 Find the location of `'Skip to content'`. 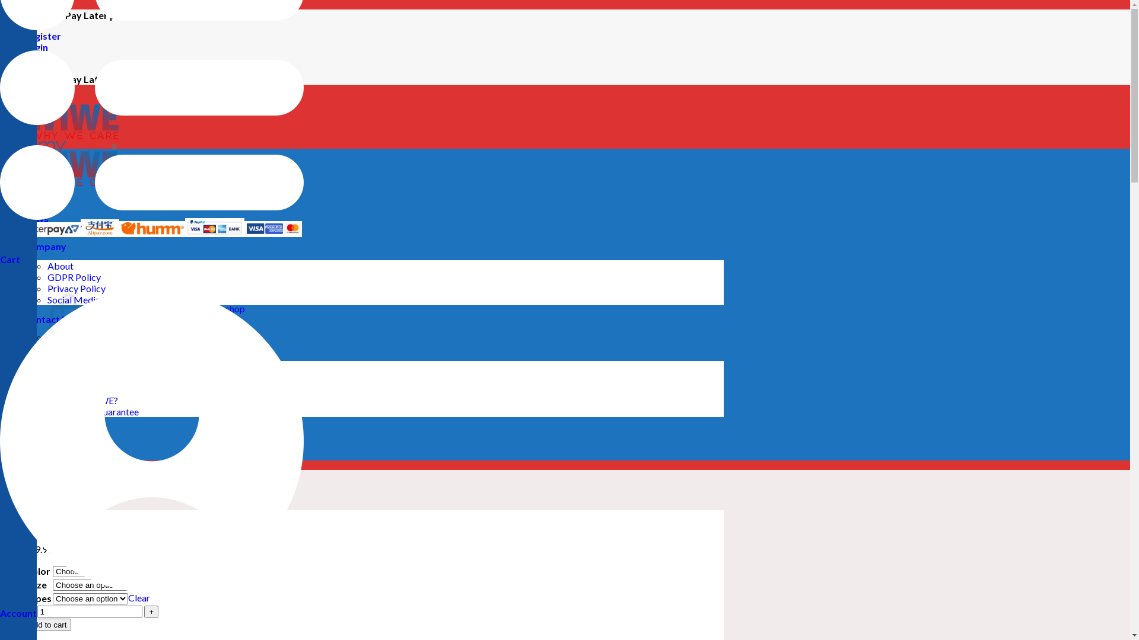

'Skip to content' is located at coordinates (0, 9).